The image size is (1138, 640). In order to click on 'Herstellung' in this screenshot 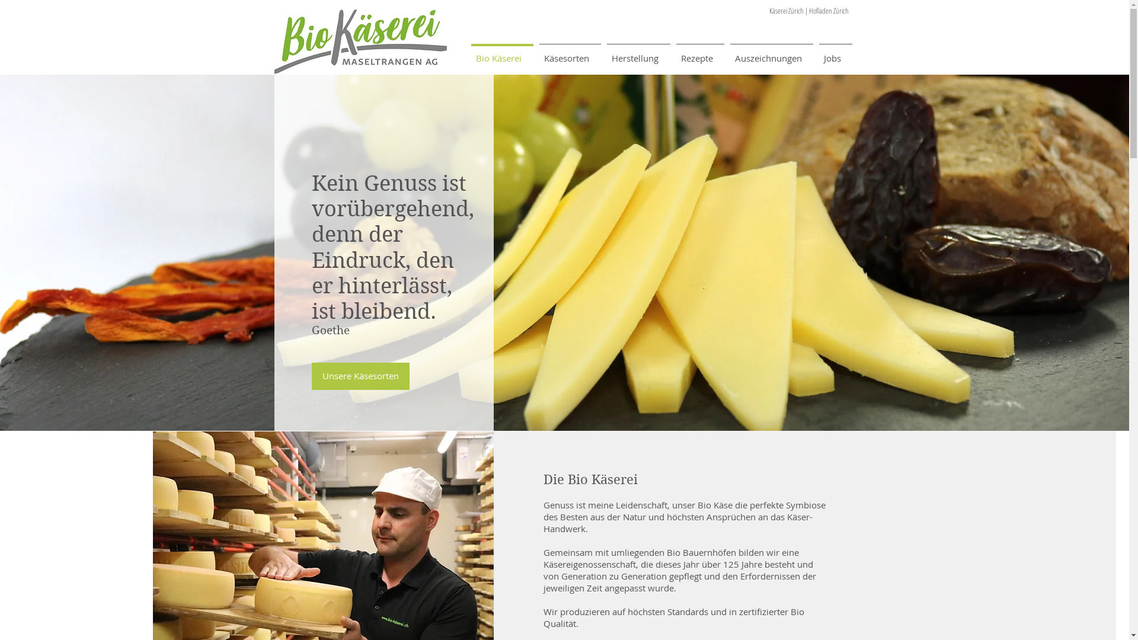, I will do `click(637, 52)`.